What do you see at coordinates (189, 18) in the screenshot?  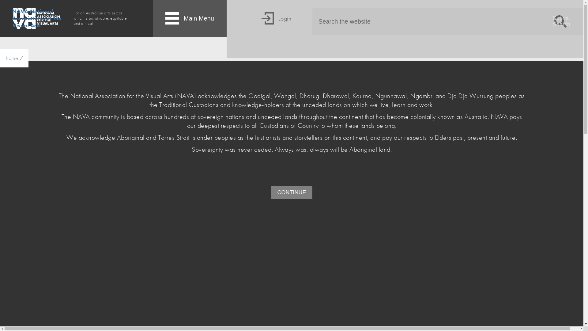 I see `'Main Menu'` at bounding box center [189, 18].